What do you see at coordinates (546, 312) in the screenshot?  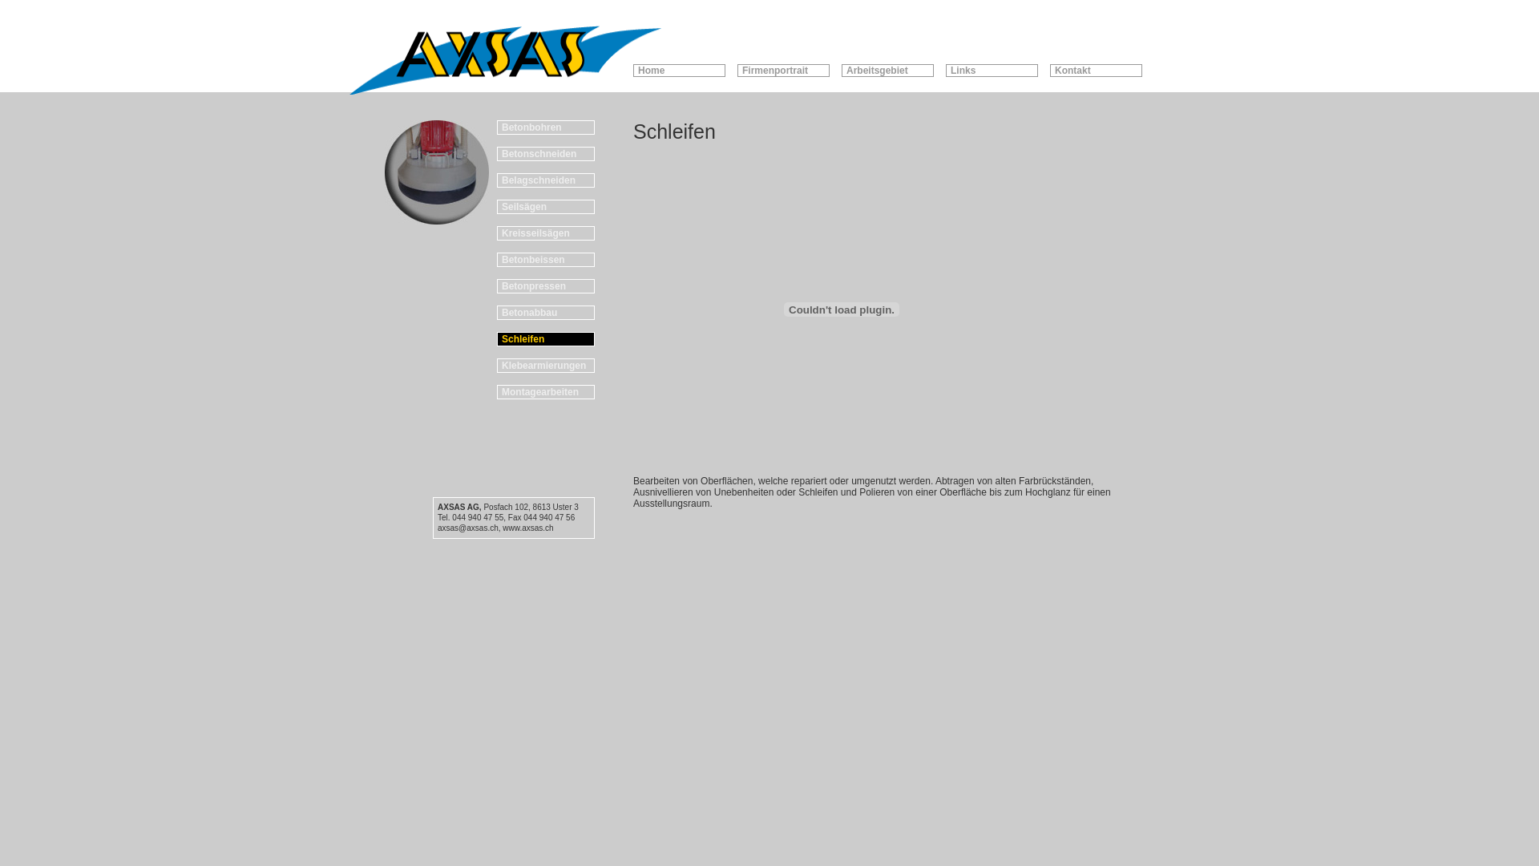 I see `'Betonabbau'` at bounding box center [546, 312].